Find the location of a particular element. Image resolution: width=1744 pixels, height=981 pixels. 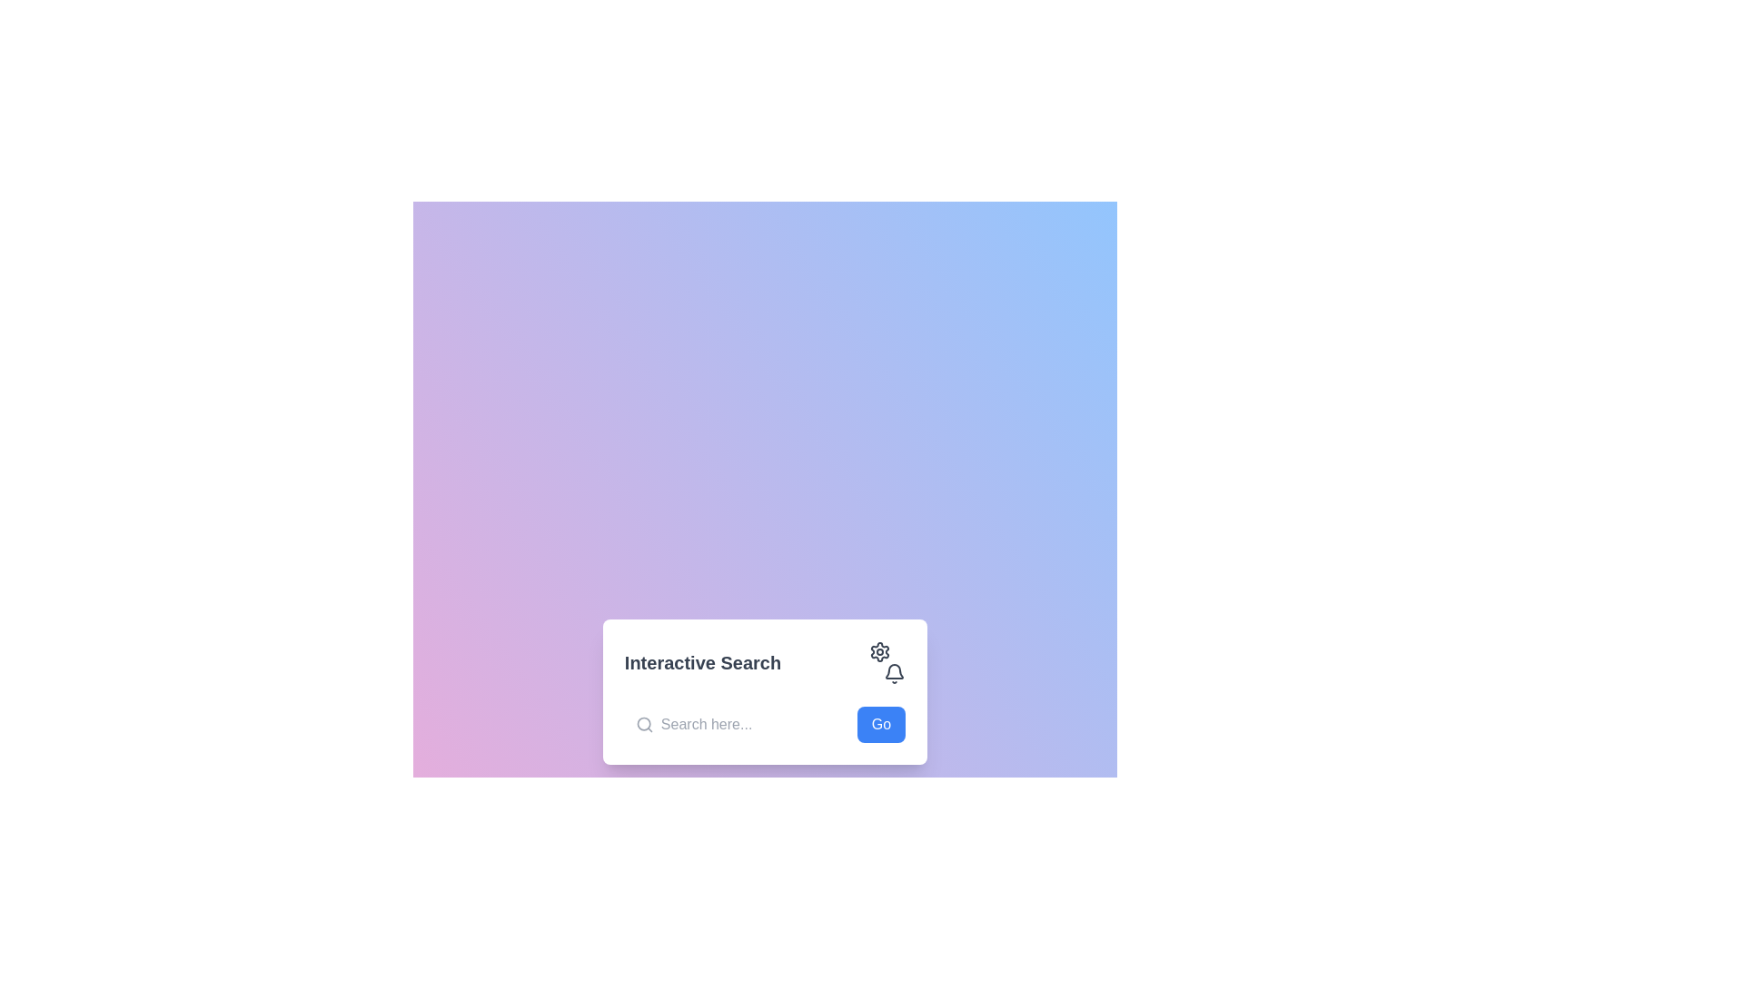

the bell icon, which is a minimalistic bell styled with a thin black outline, located in the top-right corner of the interactive search panel, next to the gear icon is located at coordinates (895, 674).